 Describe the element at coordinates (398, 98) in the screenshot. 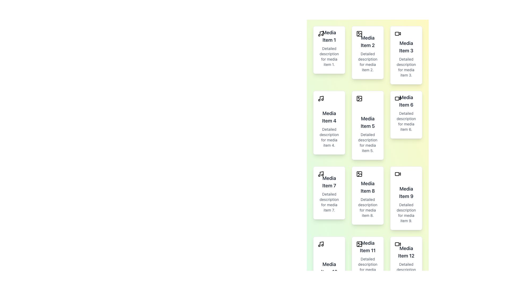

I see `the video camera icon located at the top-left corner of the 'Media Item 6' card in the grid layout` at that location.